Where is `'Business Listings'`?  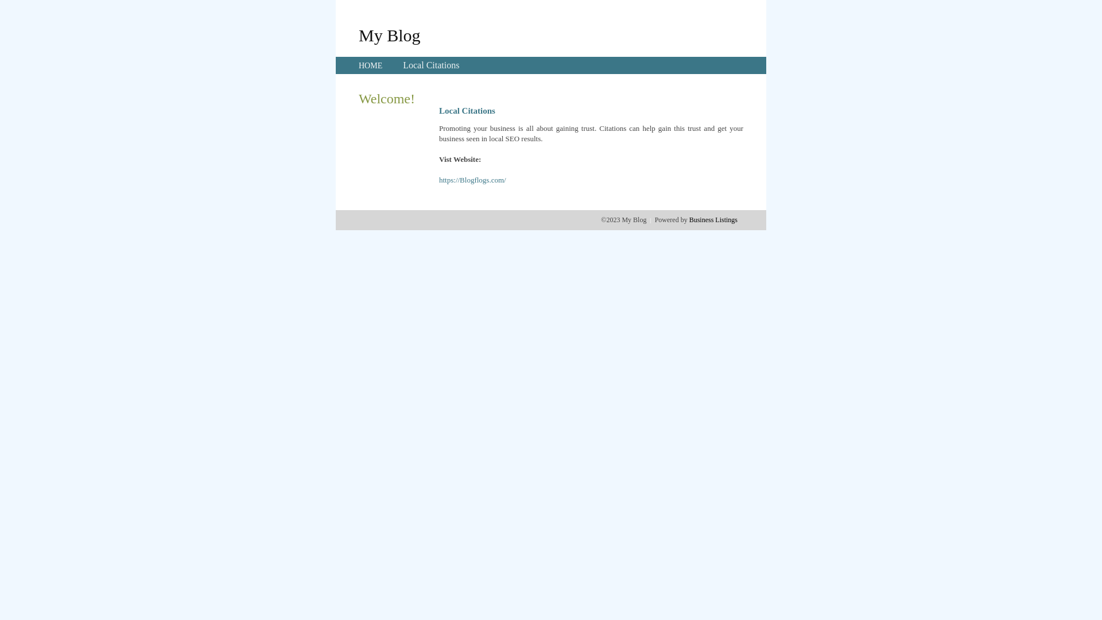 'Business Listings' is located at coordinates (713, 219).